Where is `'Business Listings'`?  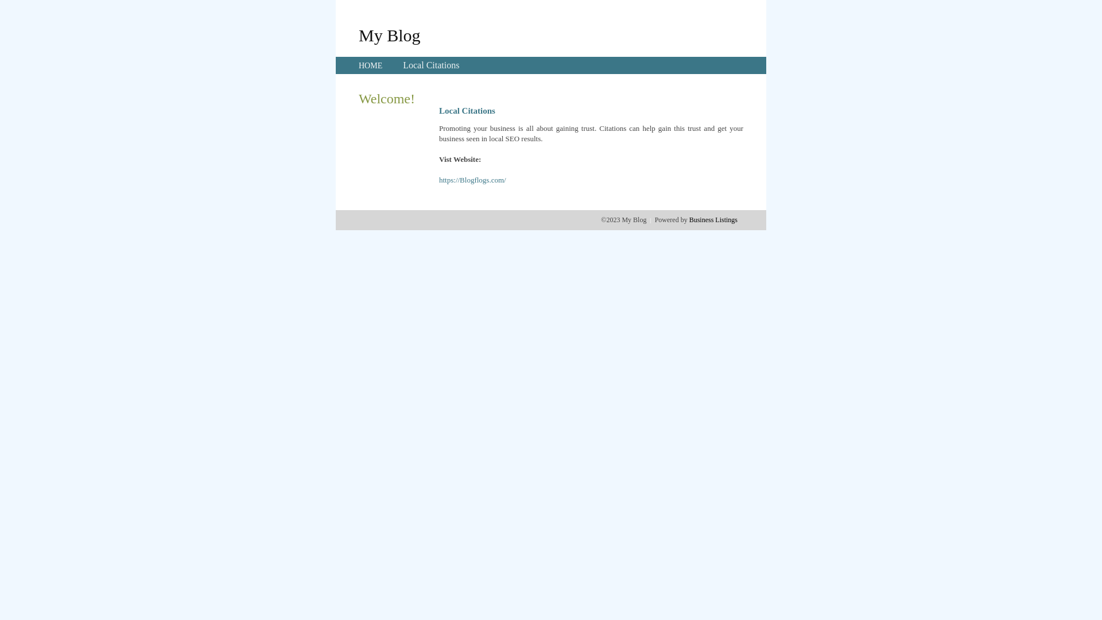 'Business Listings' is located at coordinates (713, 219).